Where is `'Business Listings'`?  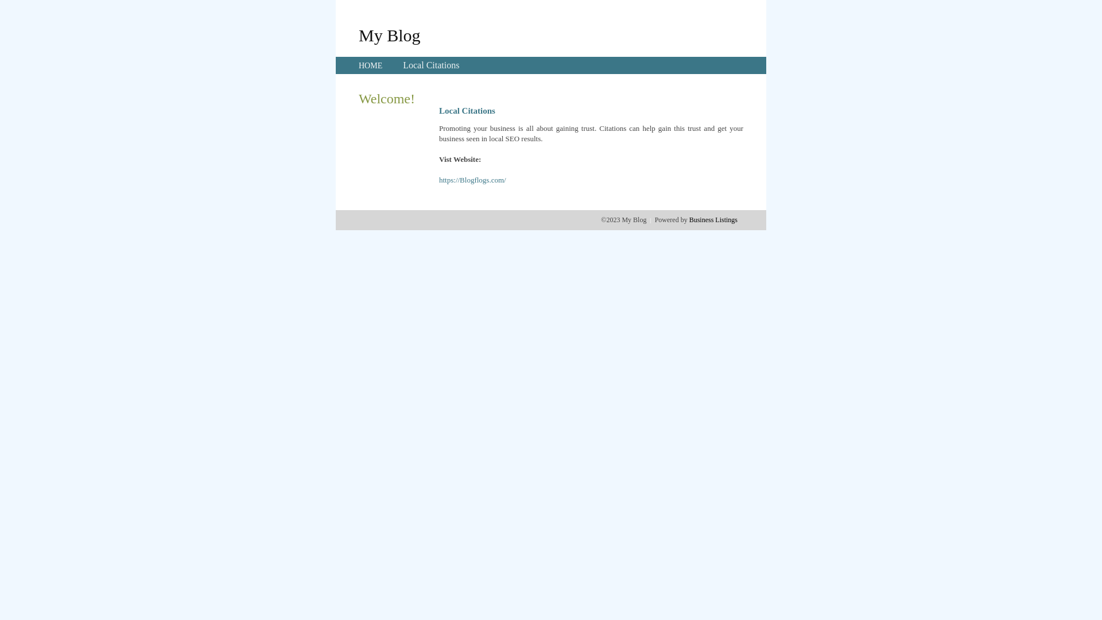 'Business Listings' is located at coordinates (713, 219).